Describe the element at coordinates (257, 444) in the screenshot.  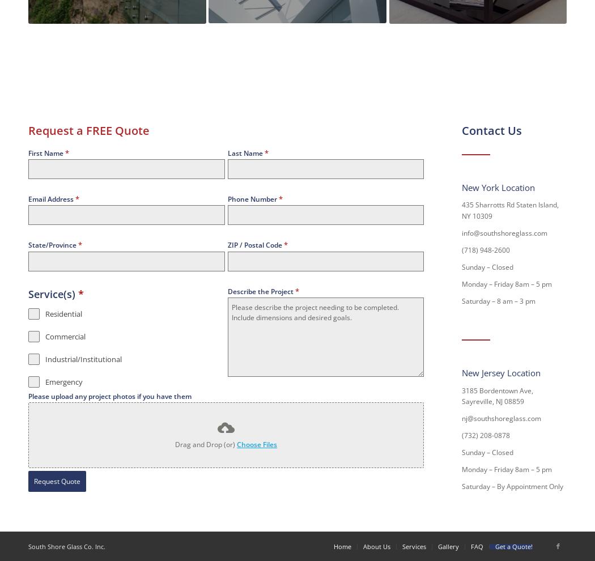
I see `'Choose Files'` at that location.